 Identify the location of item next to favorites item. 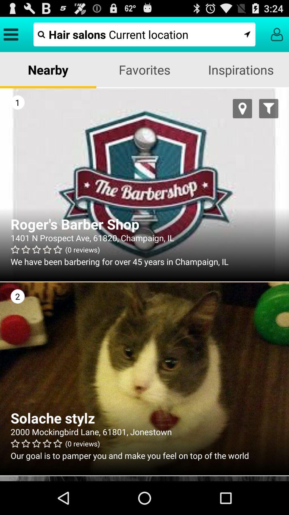
(240, 69).